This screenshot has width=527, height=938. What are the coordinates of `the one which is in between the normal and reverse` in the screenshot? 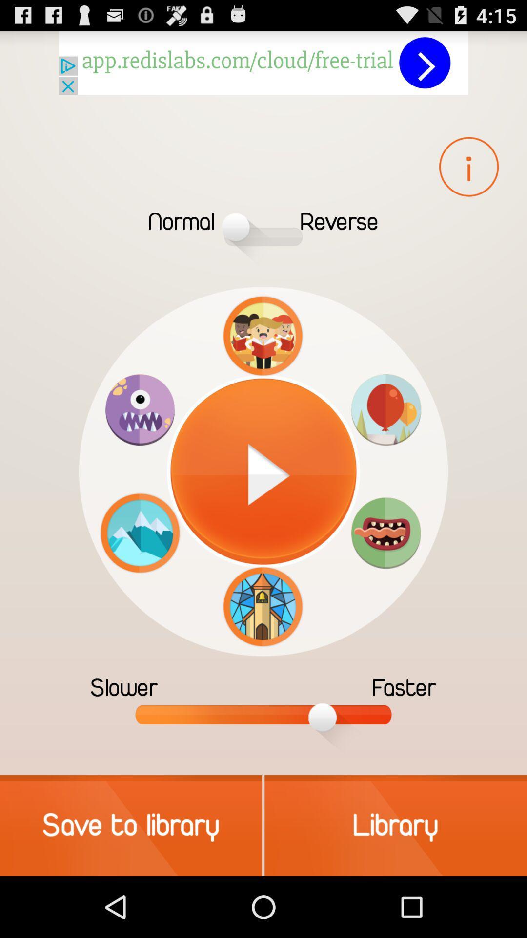 It's located at (263, 226).